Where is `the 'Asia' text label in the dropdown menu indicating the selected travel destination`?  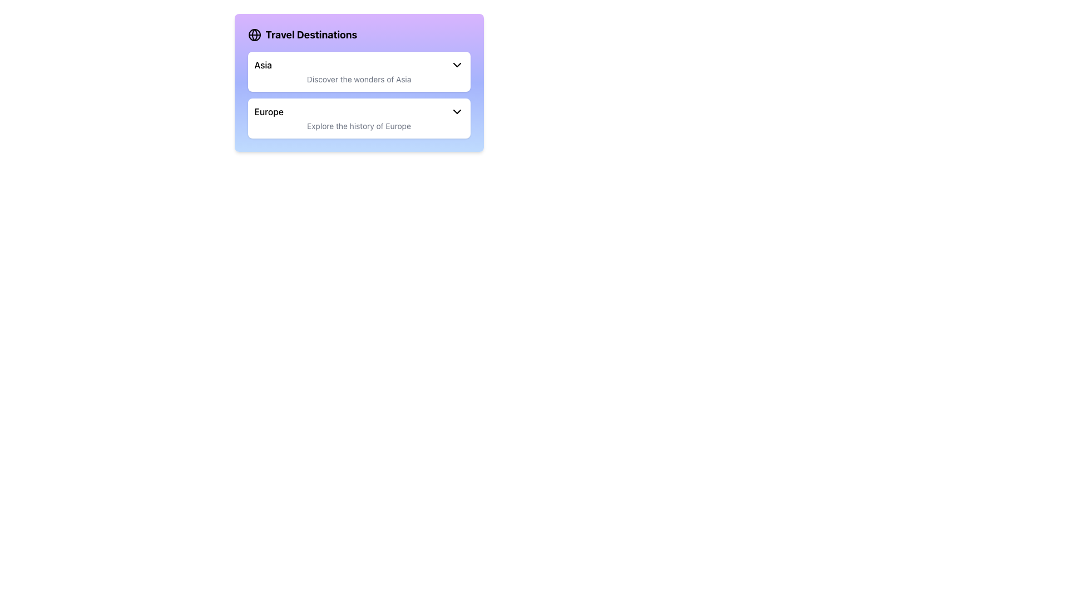
the 'Asia' text label in the dropdown menu indicating the selected travel destination is located at coordinates (263, 65).